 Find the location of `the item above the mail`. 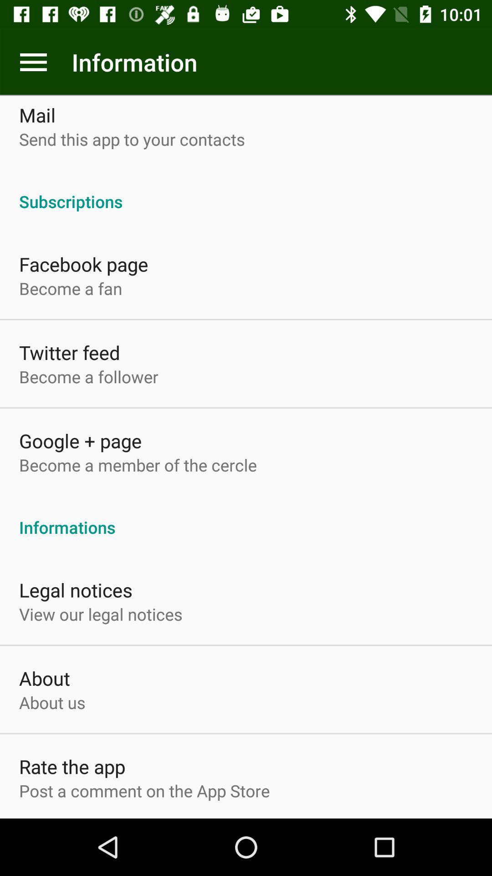

the item above the mail is located at coordinates (33, 62).